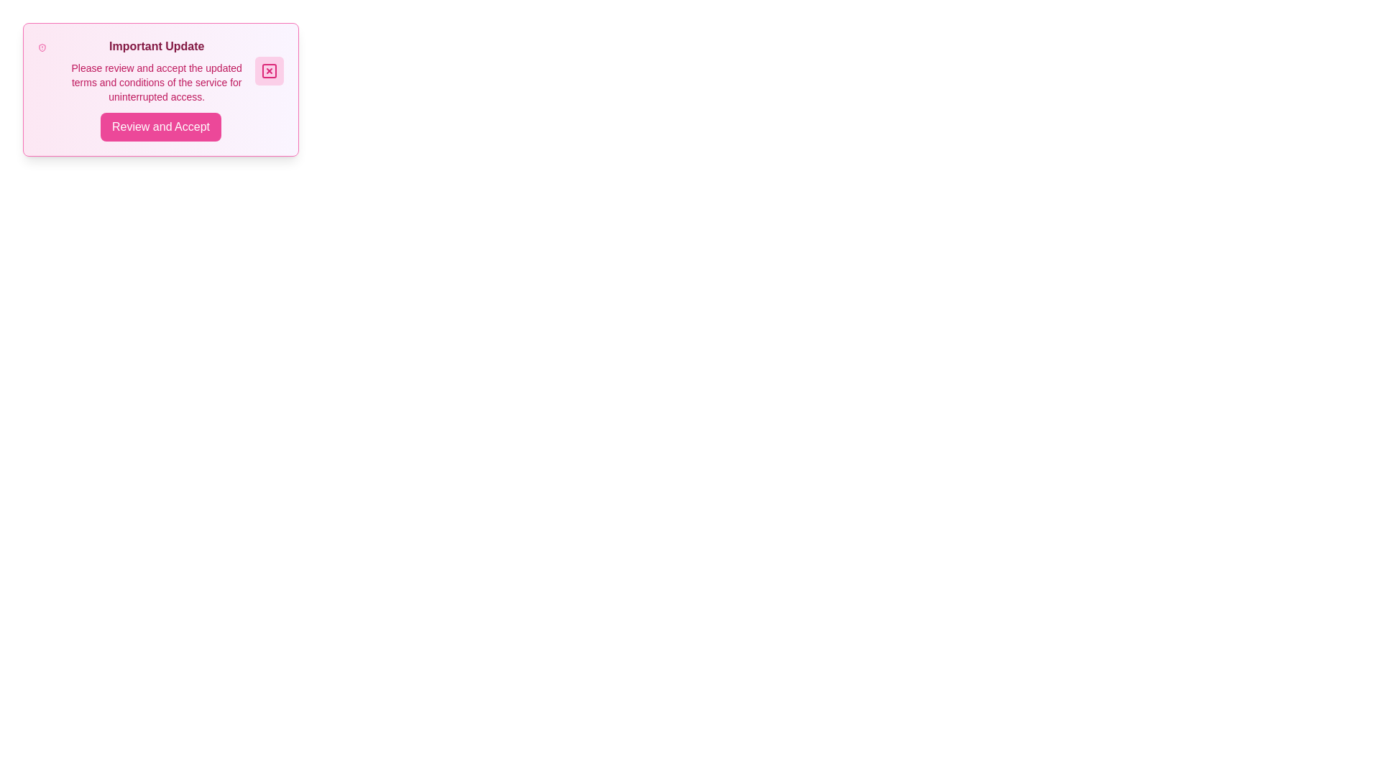 This screenshot has height=776, width=1380. I want to click on the 'Important Update' text label, which is styled in bold and vibrant pink within a modal dialog box, so click(157, 46).